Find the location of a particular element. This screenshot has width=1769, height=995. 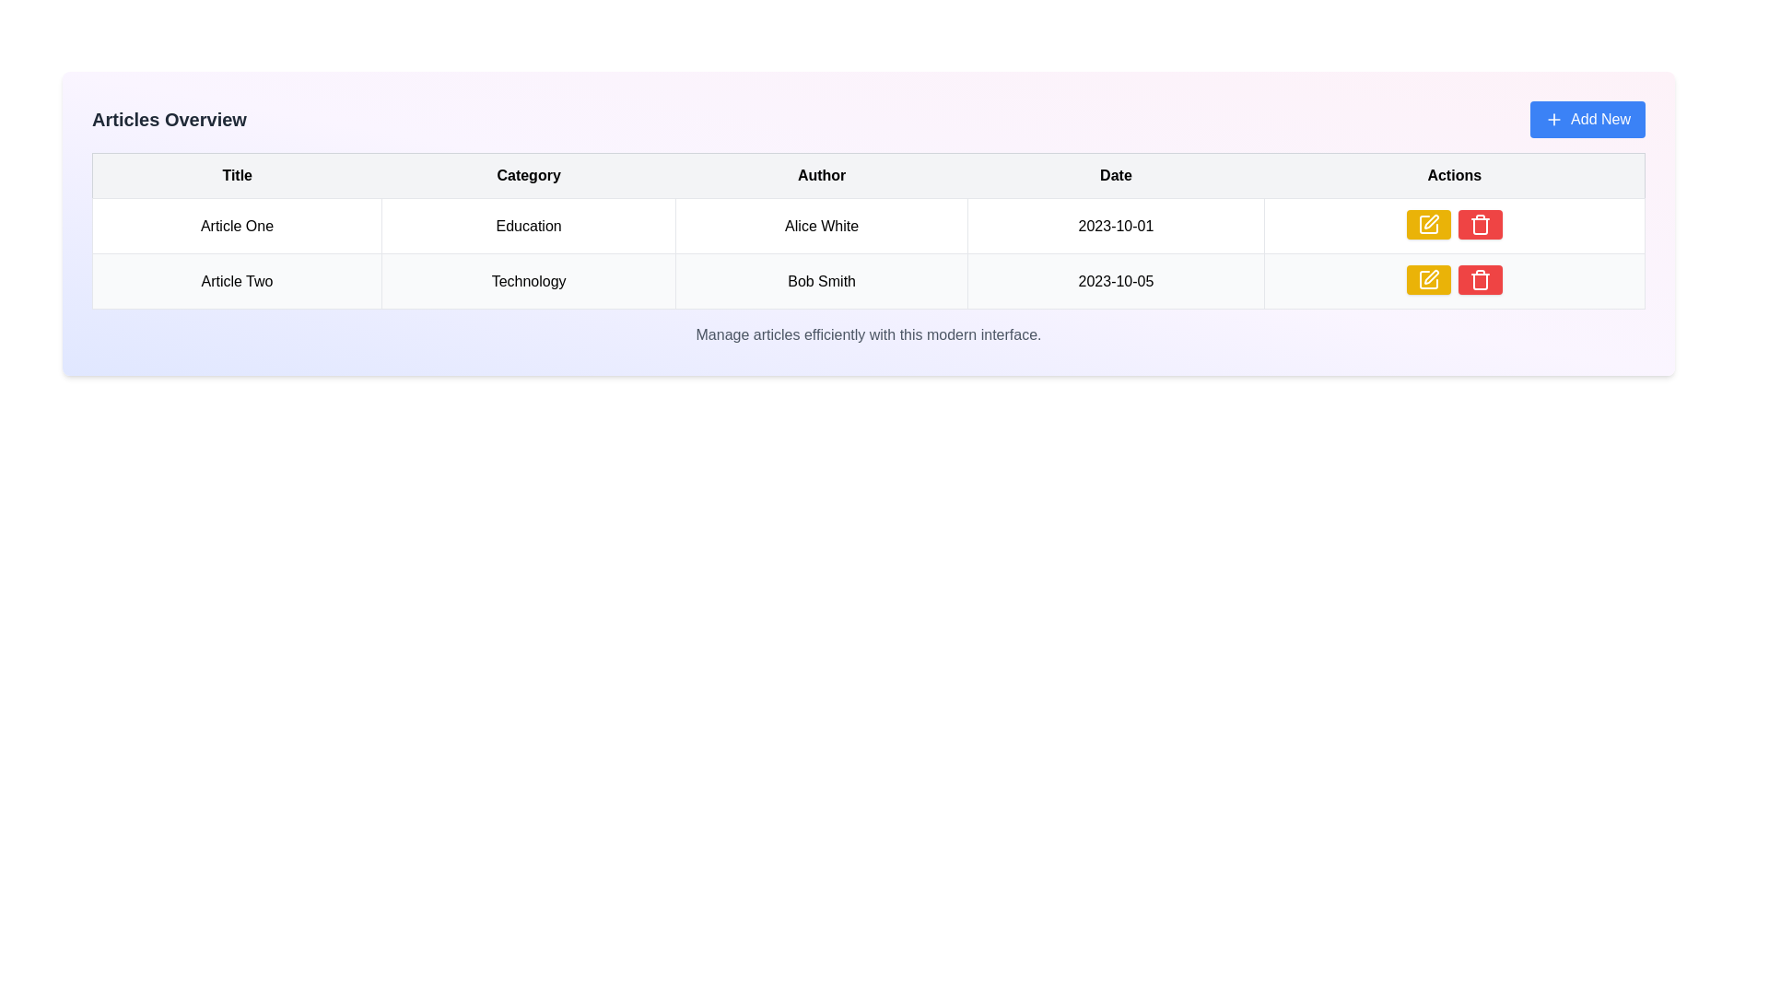

the delete button located in the 'Actions' column of the second row for 'Article Two' is located at coordinates (1481, 223).